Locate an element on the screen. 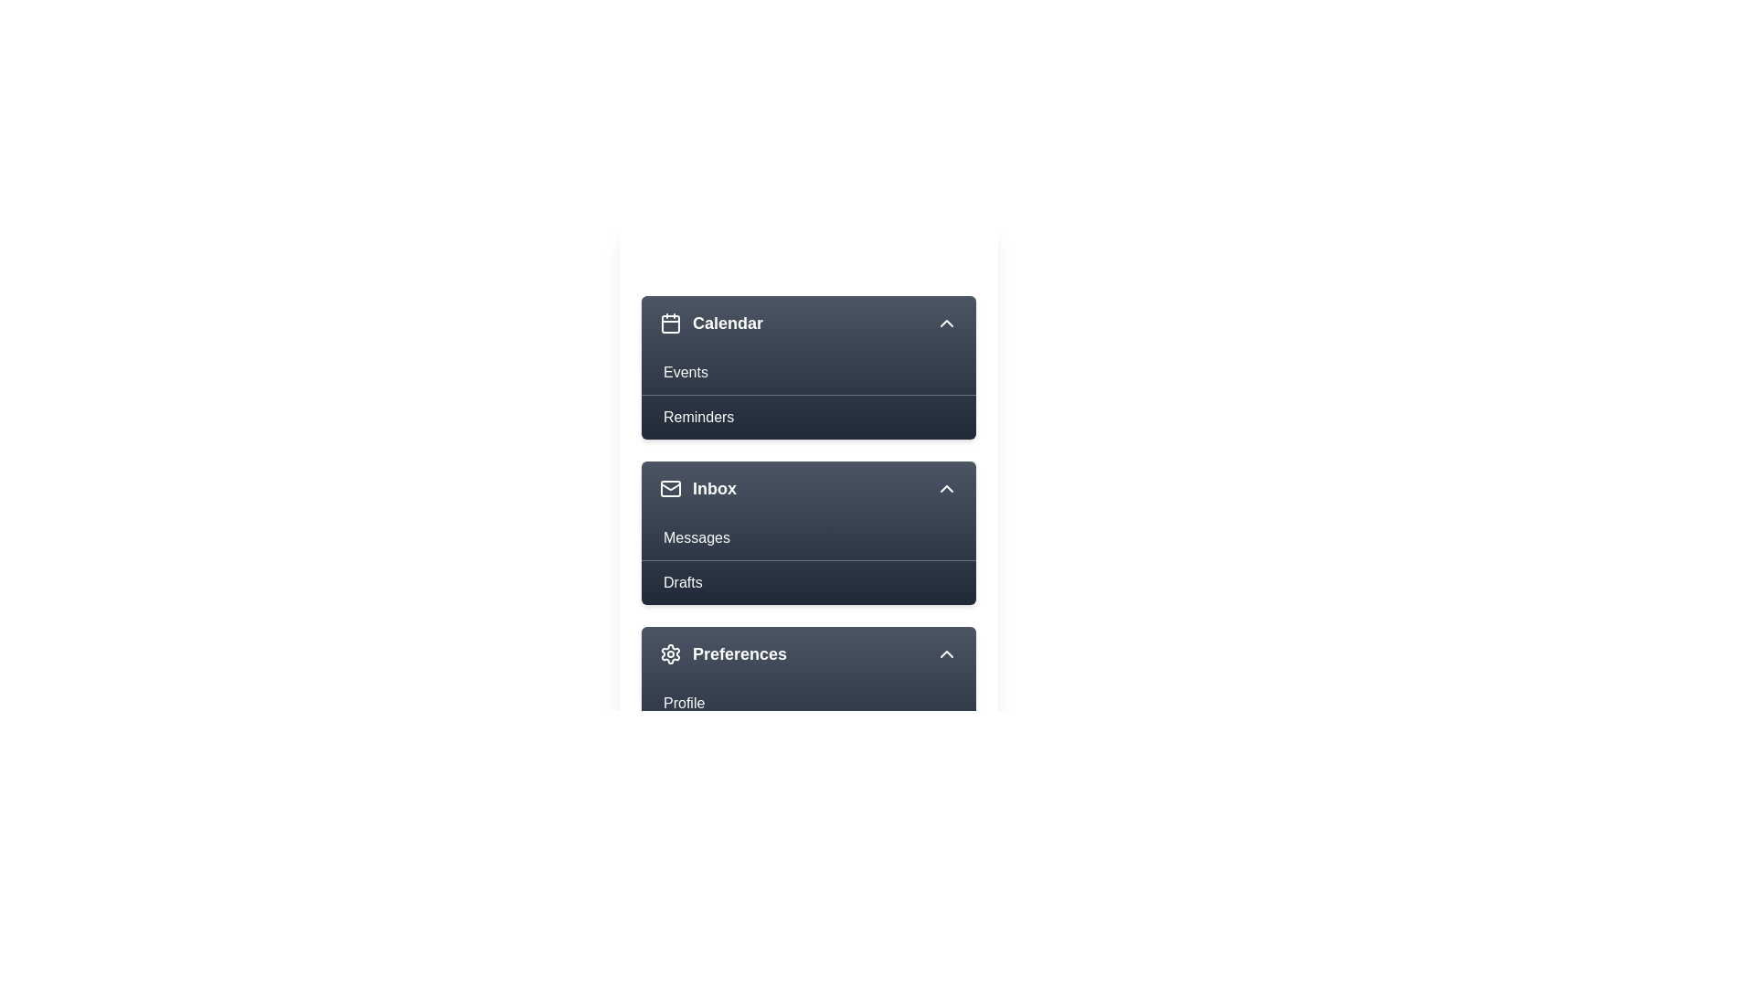  the icon next to the section title Inbox to toggle its visibility is located at coordinates (670, 488).